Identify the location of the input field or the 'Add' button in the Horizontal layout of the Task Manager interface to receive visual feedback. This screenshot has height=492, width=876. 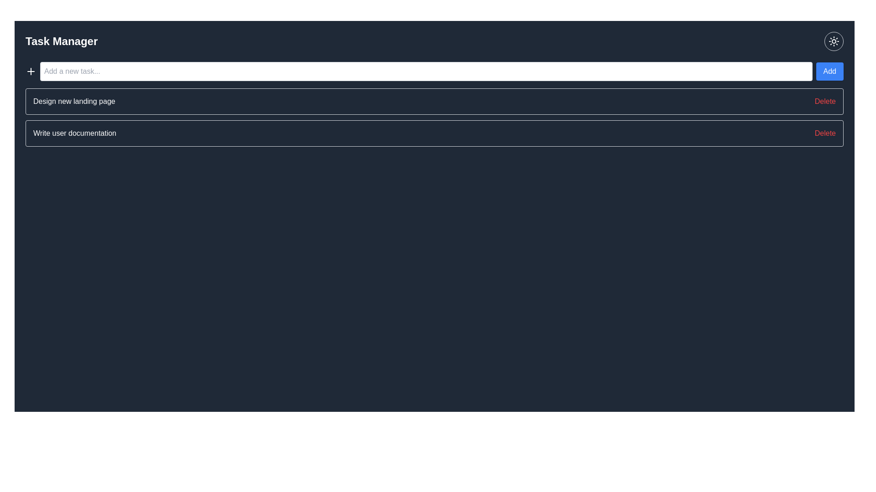
(434, 71).